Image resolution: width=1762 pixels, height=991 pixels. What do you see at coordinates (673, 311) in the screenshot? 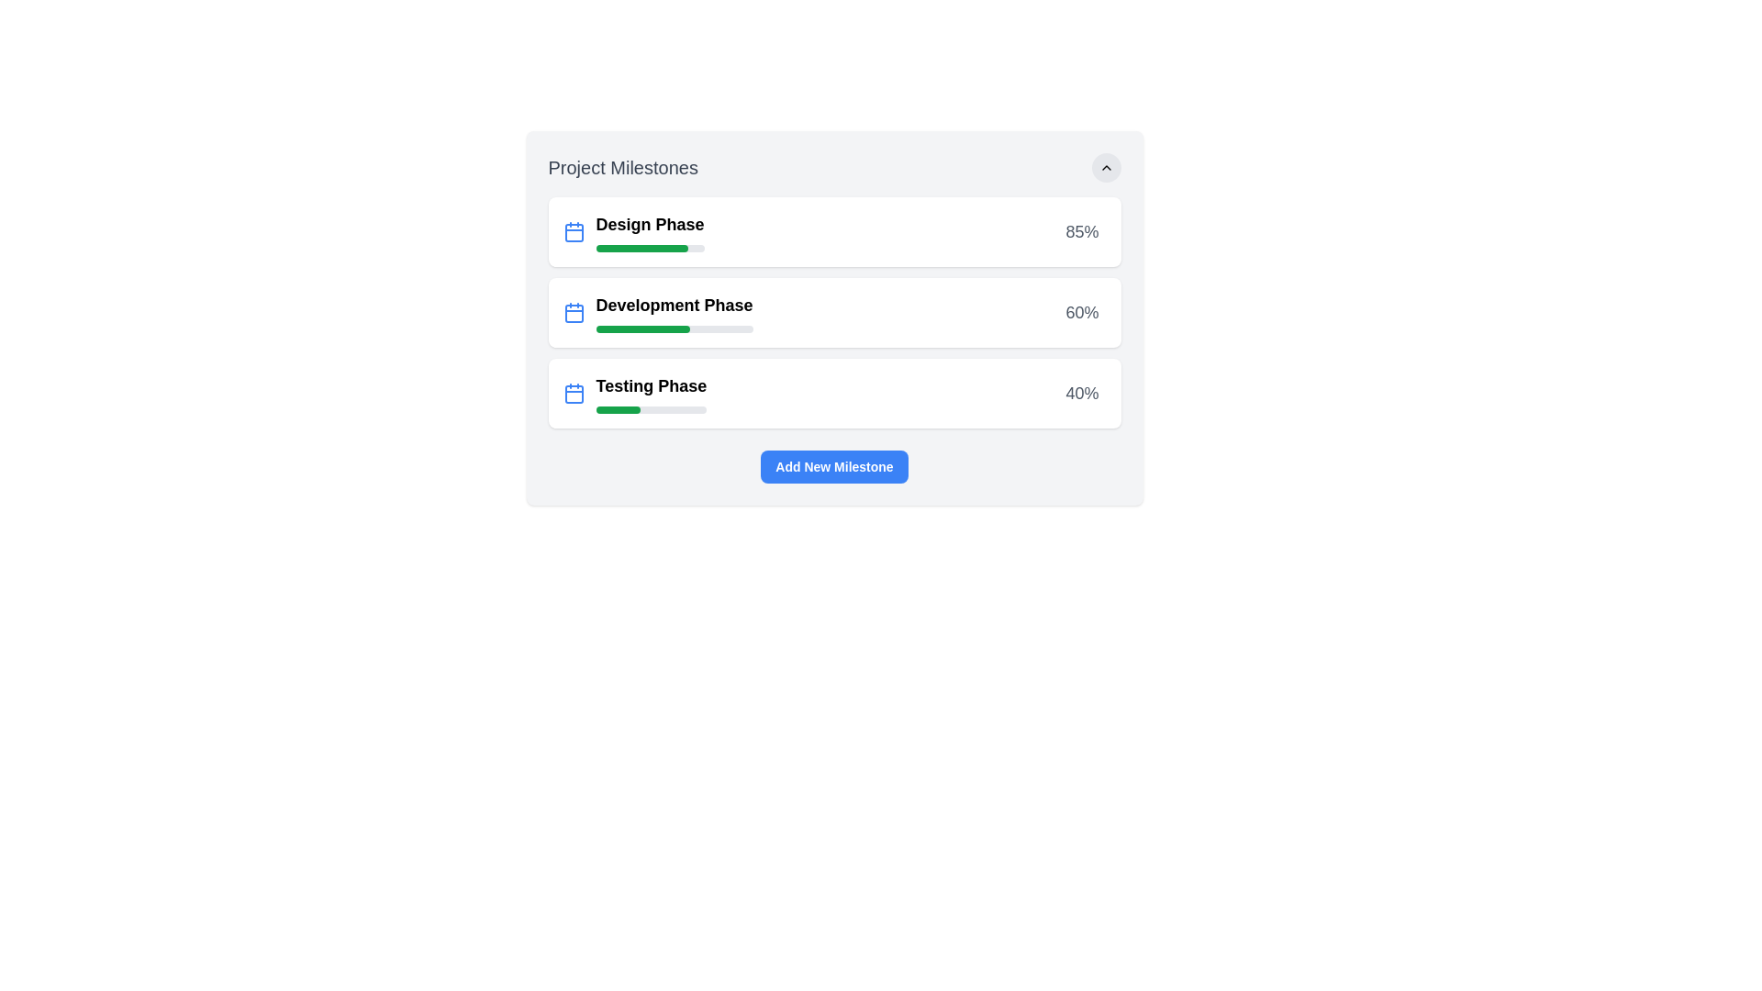
I see `the 'Development Phase' label with the progress indicator` at bounding box center [673, 311].